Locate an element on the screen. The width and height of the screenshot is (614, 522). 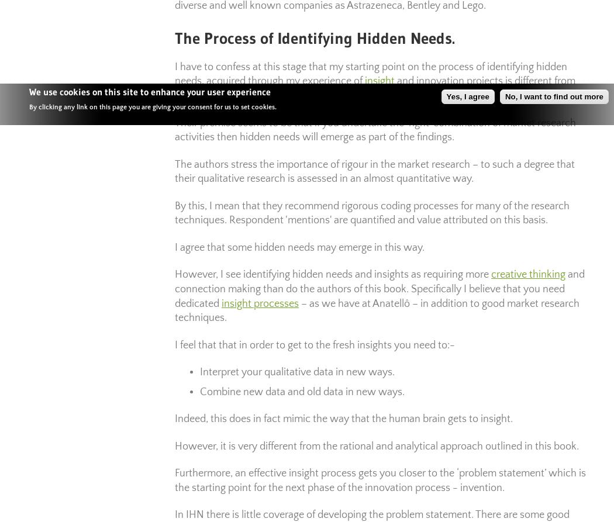
'However, it is very different from the rational and analytical approach outlined in this book.' is located at coordinates (376, 445).